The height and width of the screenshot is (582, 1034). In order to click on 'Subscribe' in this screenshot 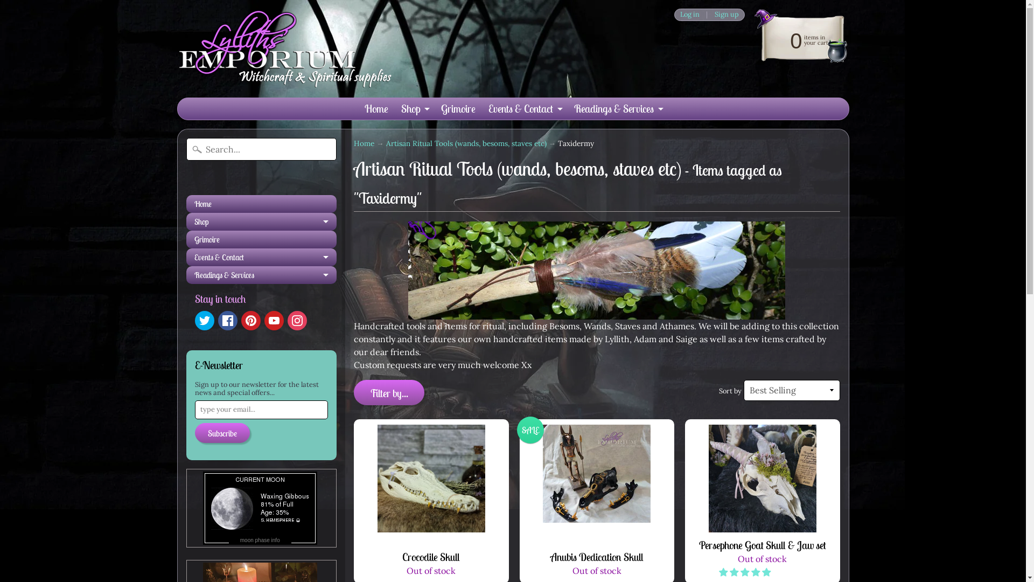, I will do `click(221, 432)`.